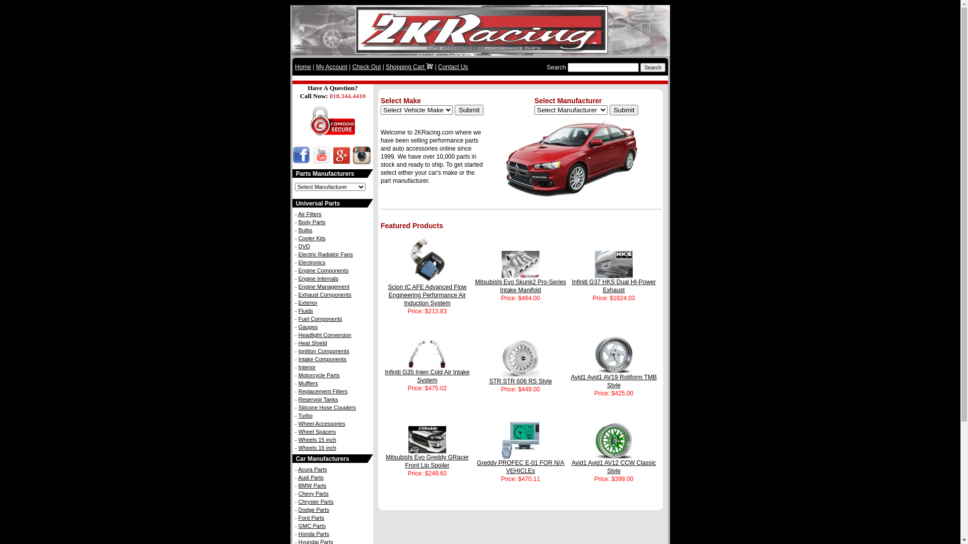 This screenshot has height=544, width=968. I want to click on 'Gauges', so click(308, 326).